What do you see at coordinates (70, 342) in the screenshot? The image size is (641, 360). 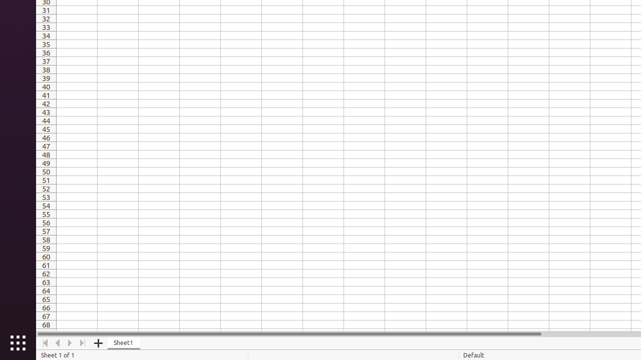 I see `'Move Right'` at bounding box center [70, 342].